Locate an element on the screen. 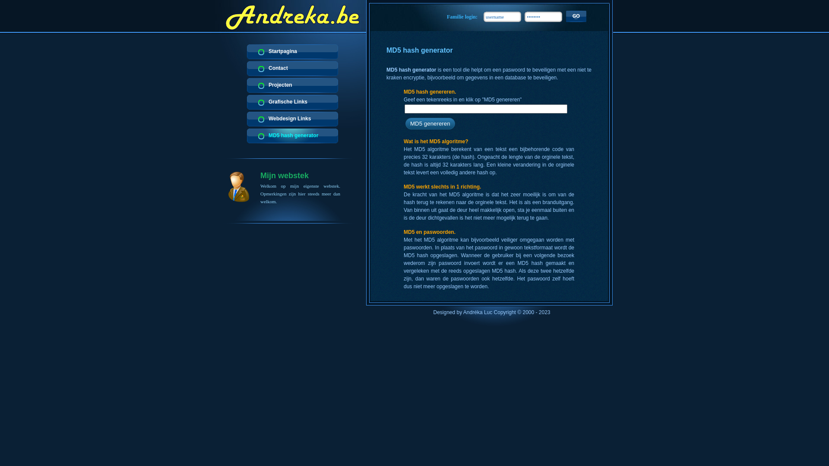 The height and width of the screenshot is (466, 829). 'Grafische Links' is located at coordinates (292, 101).